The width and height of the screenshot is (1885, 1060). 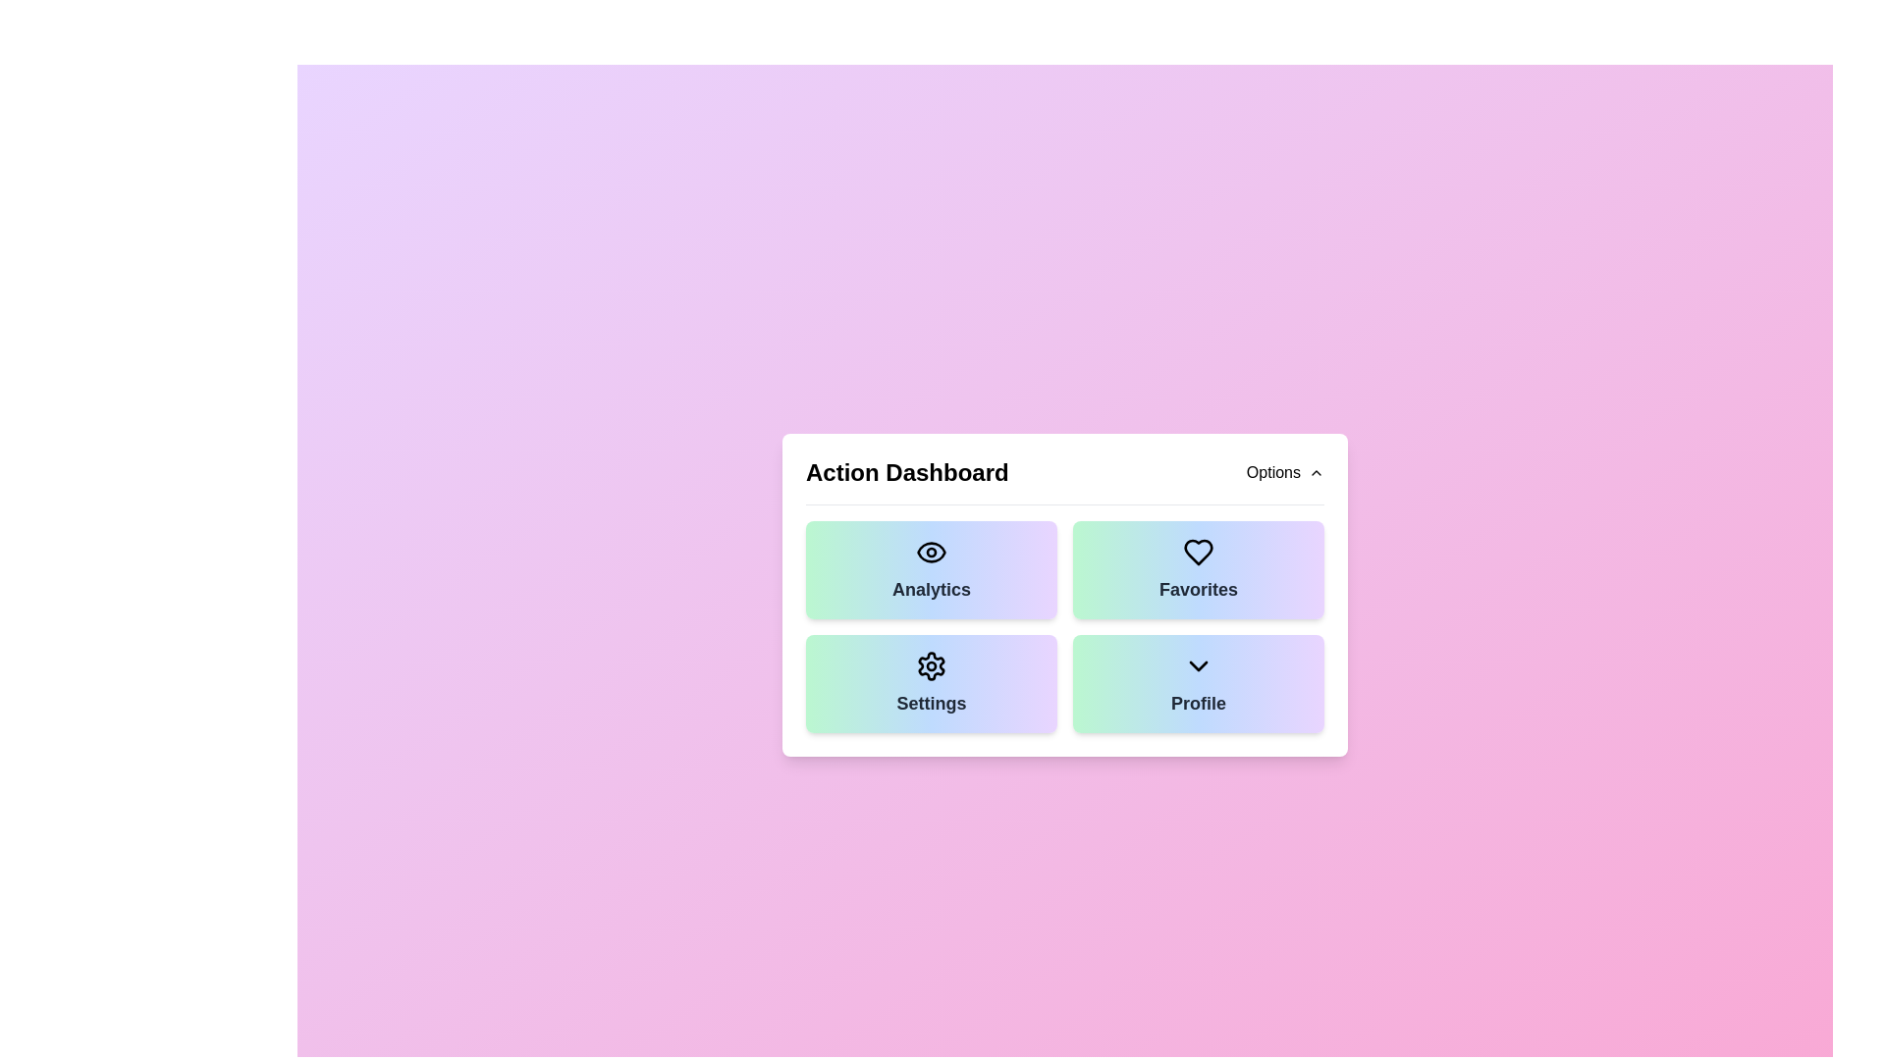 What do you see at coordinates (1197, 552) in the screenshot?
I see `the heart icon representing the Favorites section at the center-top area of the Favorites panel in the Action Dashboard interface` at bounding box center [1197, 552].